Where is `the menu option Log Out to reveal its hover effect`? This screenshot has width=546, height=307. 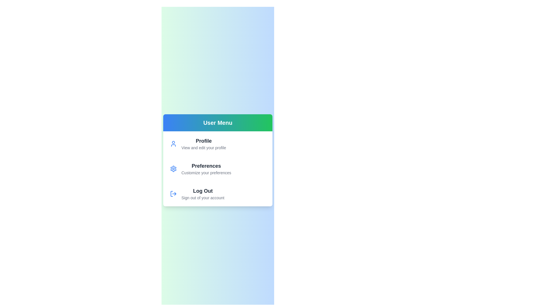
the menu option Log Out to reveal its hover effect is located at coordinates (203, 194).